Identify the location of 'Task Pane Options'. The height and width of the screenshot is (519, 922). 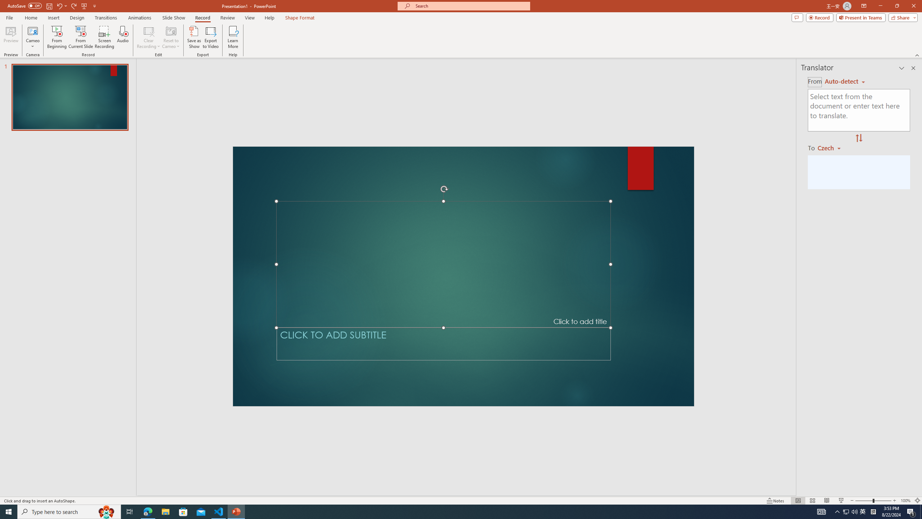
(901, 68).